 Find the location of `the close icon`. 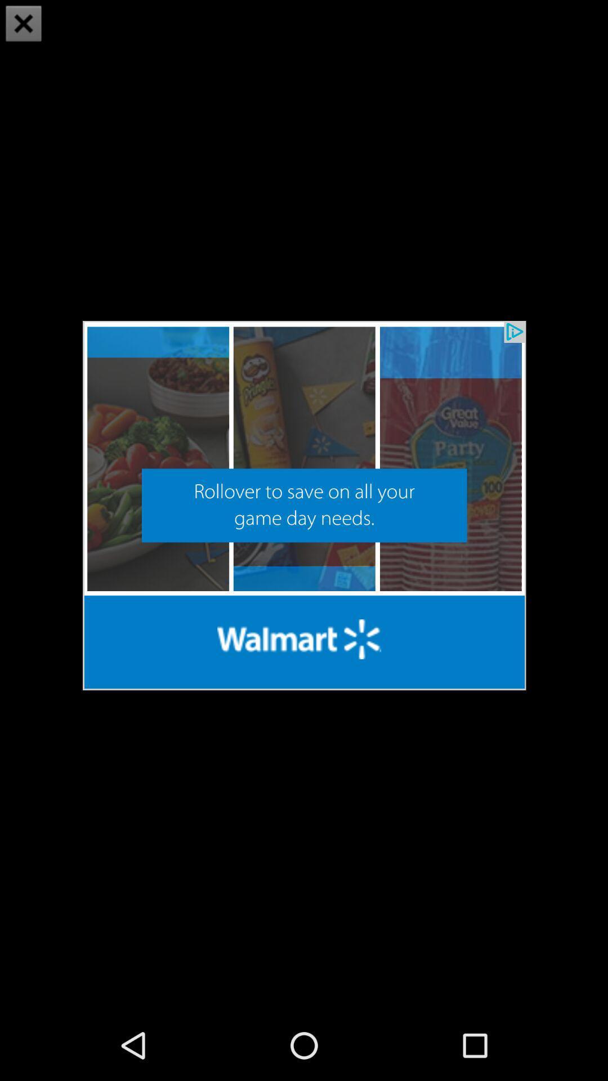

the close icon is located at coordinates (24, 25).